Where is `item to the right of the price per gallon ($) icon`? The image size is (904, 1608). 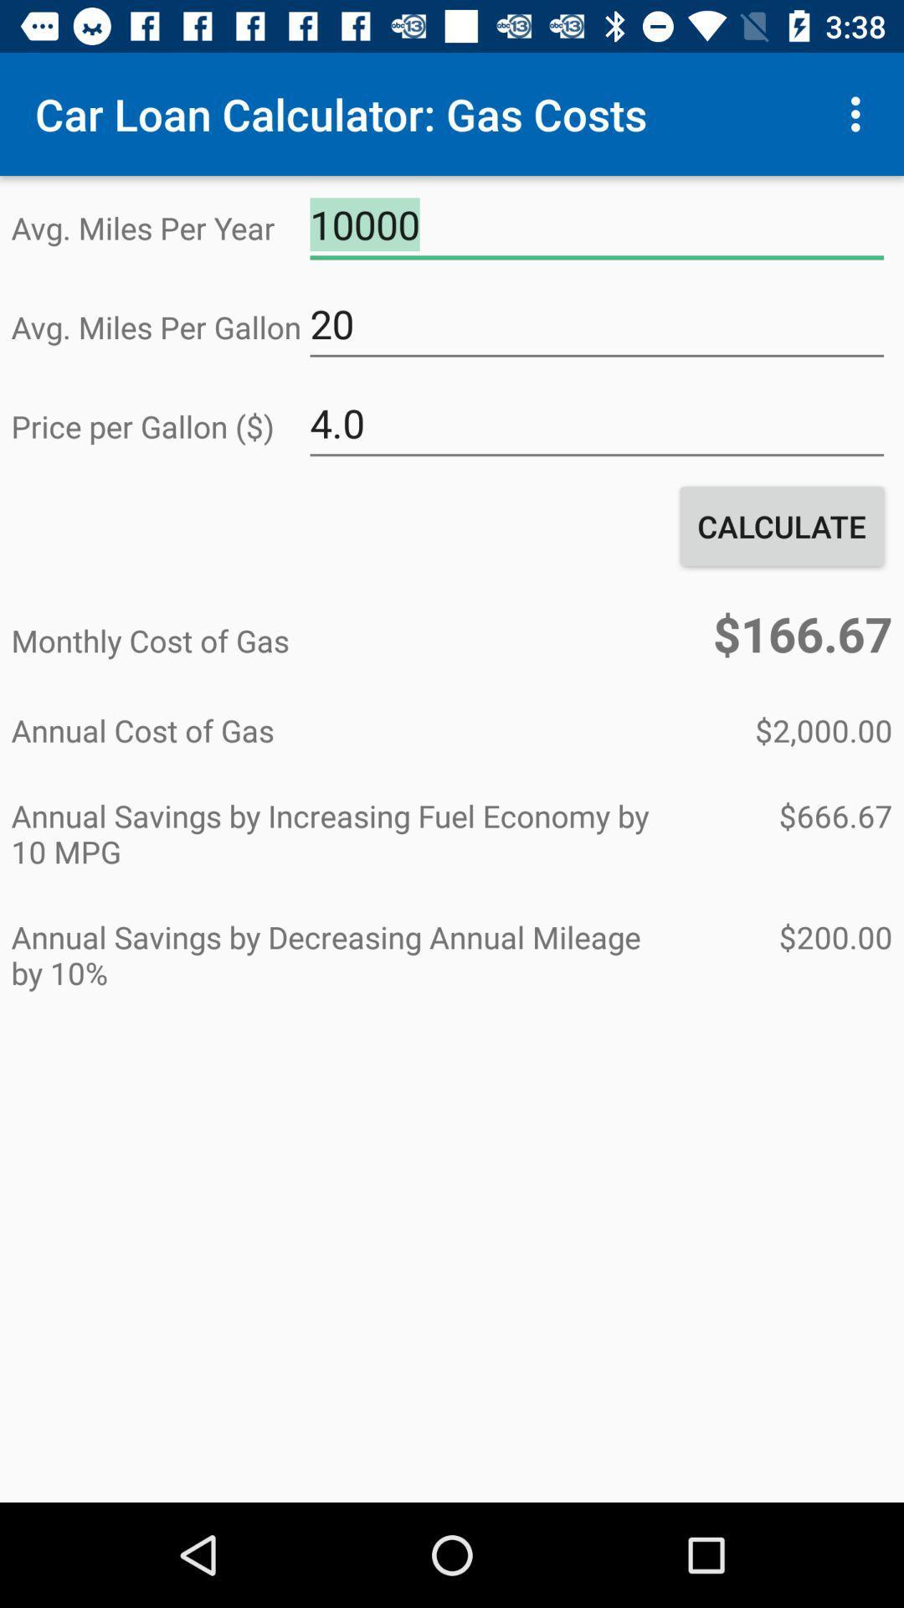 item to the right of the price per gallon ($) icon is located at coordinates (596, 424).